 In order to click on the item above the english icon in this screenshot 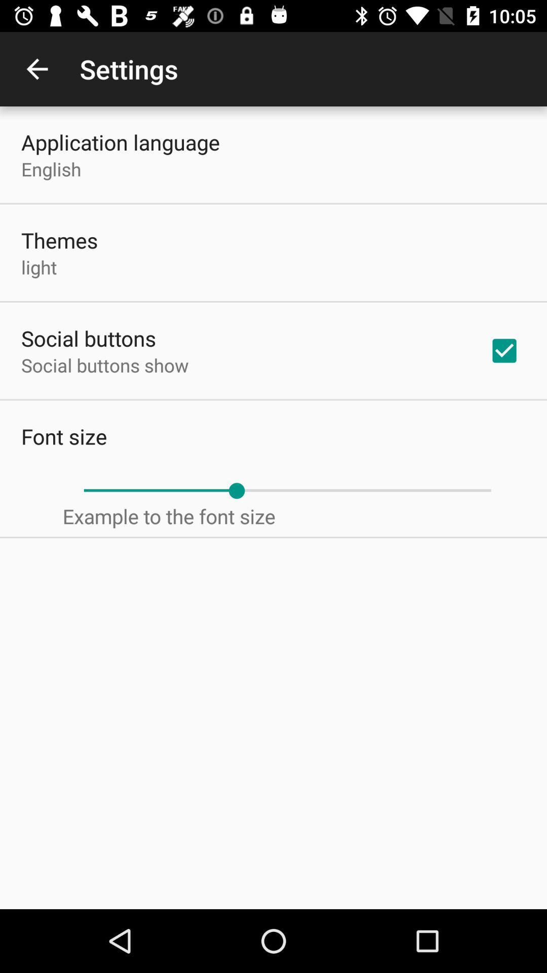, I will do `click(120, 141)`.